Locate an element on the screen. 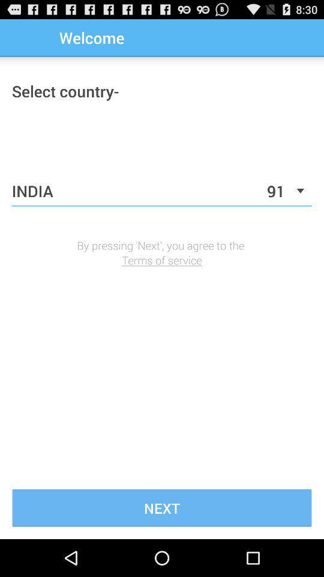  the item above the next is located at coordinates (162, 260).